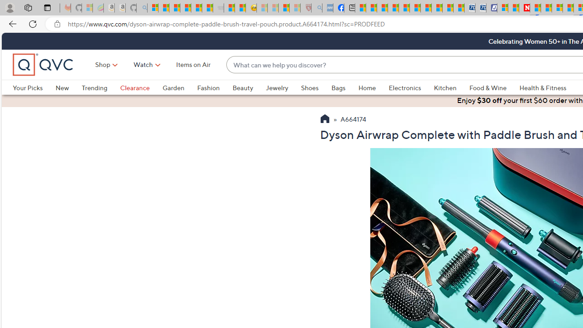 This screenshot has width=583, height=328. I want to click on 'Electronics', so click(411, 87).